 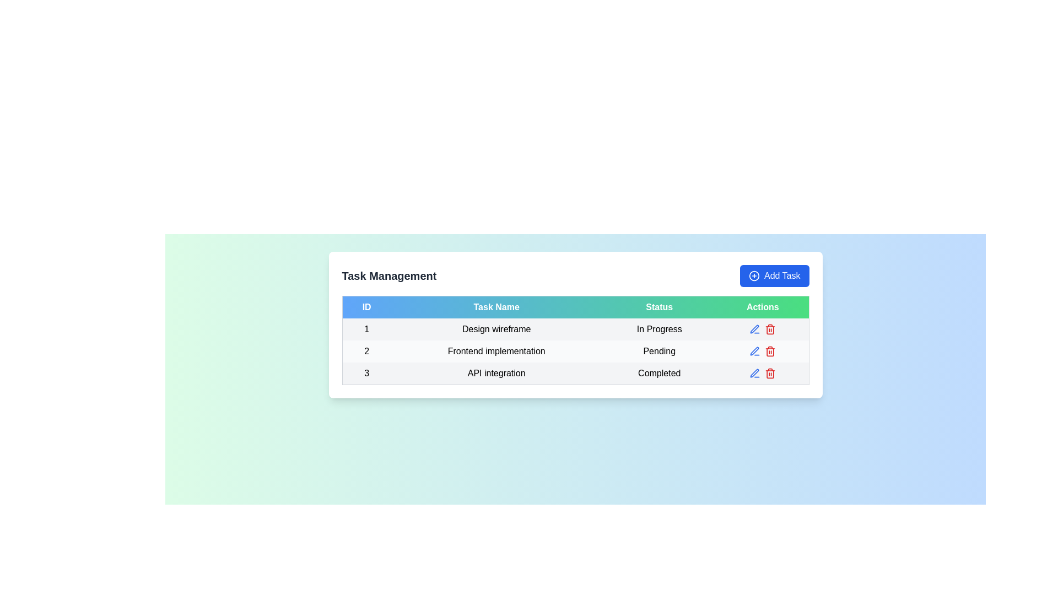 I want to click on the static text label displaying the task name 'API integration' located in the third row of the table under the 'Task Name' column, so click(x=496, y=373).